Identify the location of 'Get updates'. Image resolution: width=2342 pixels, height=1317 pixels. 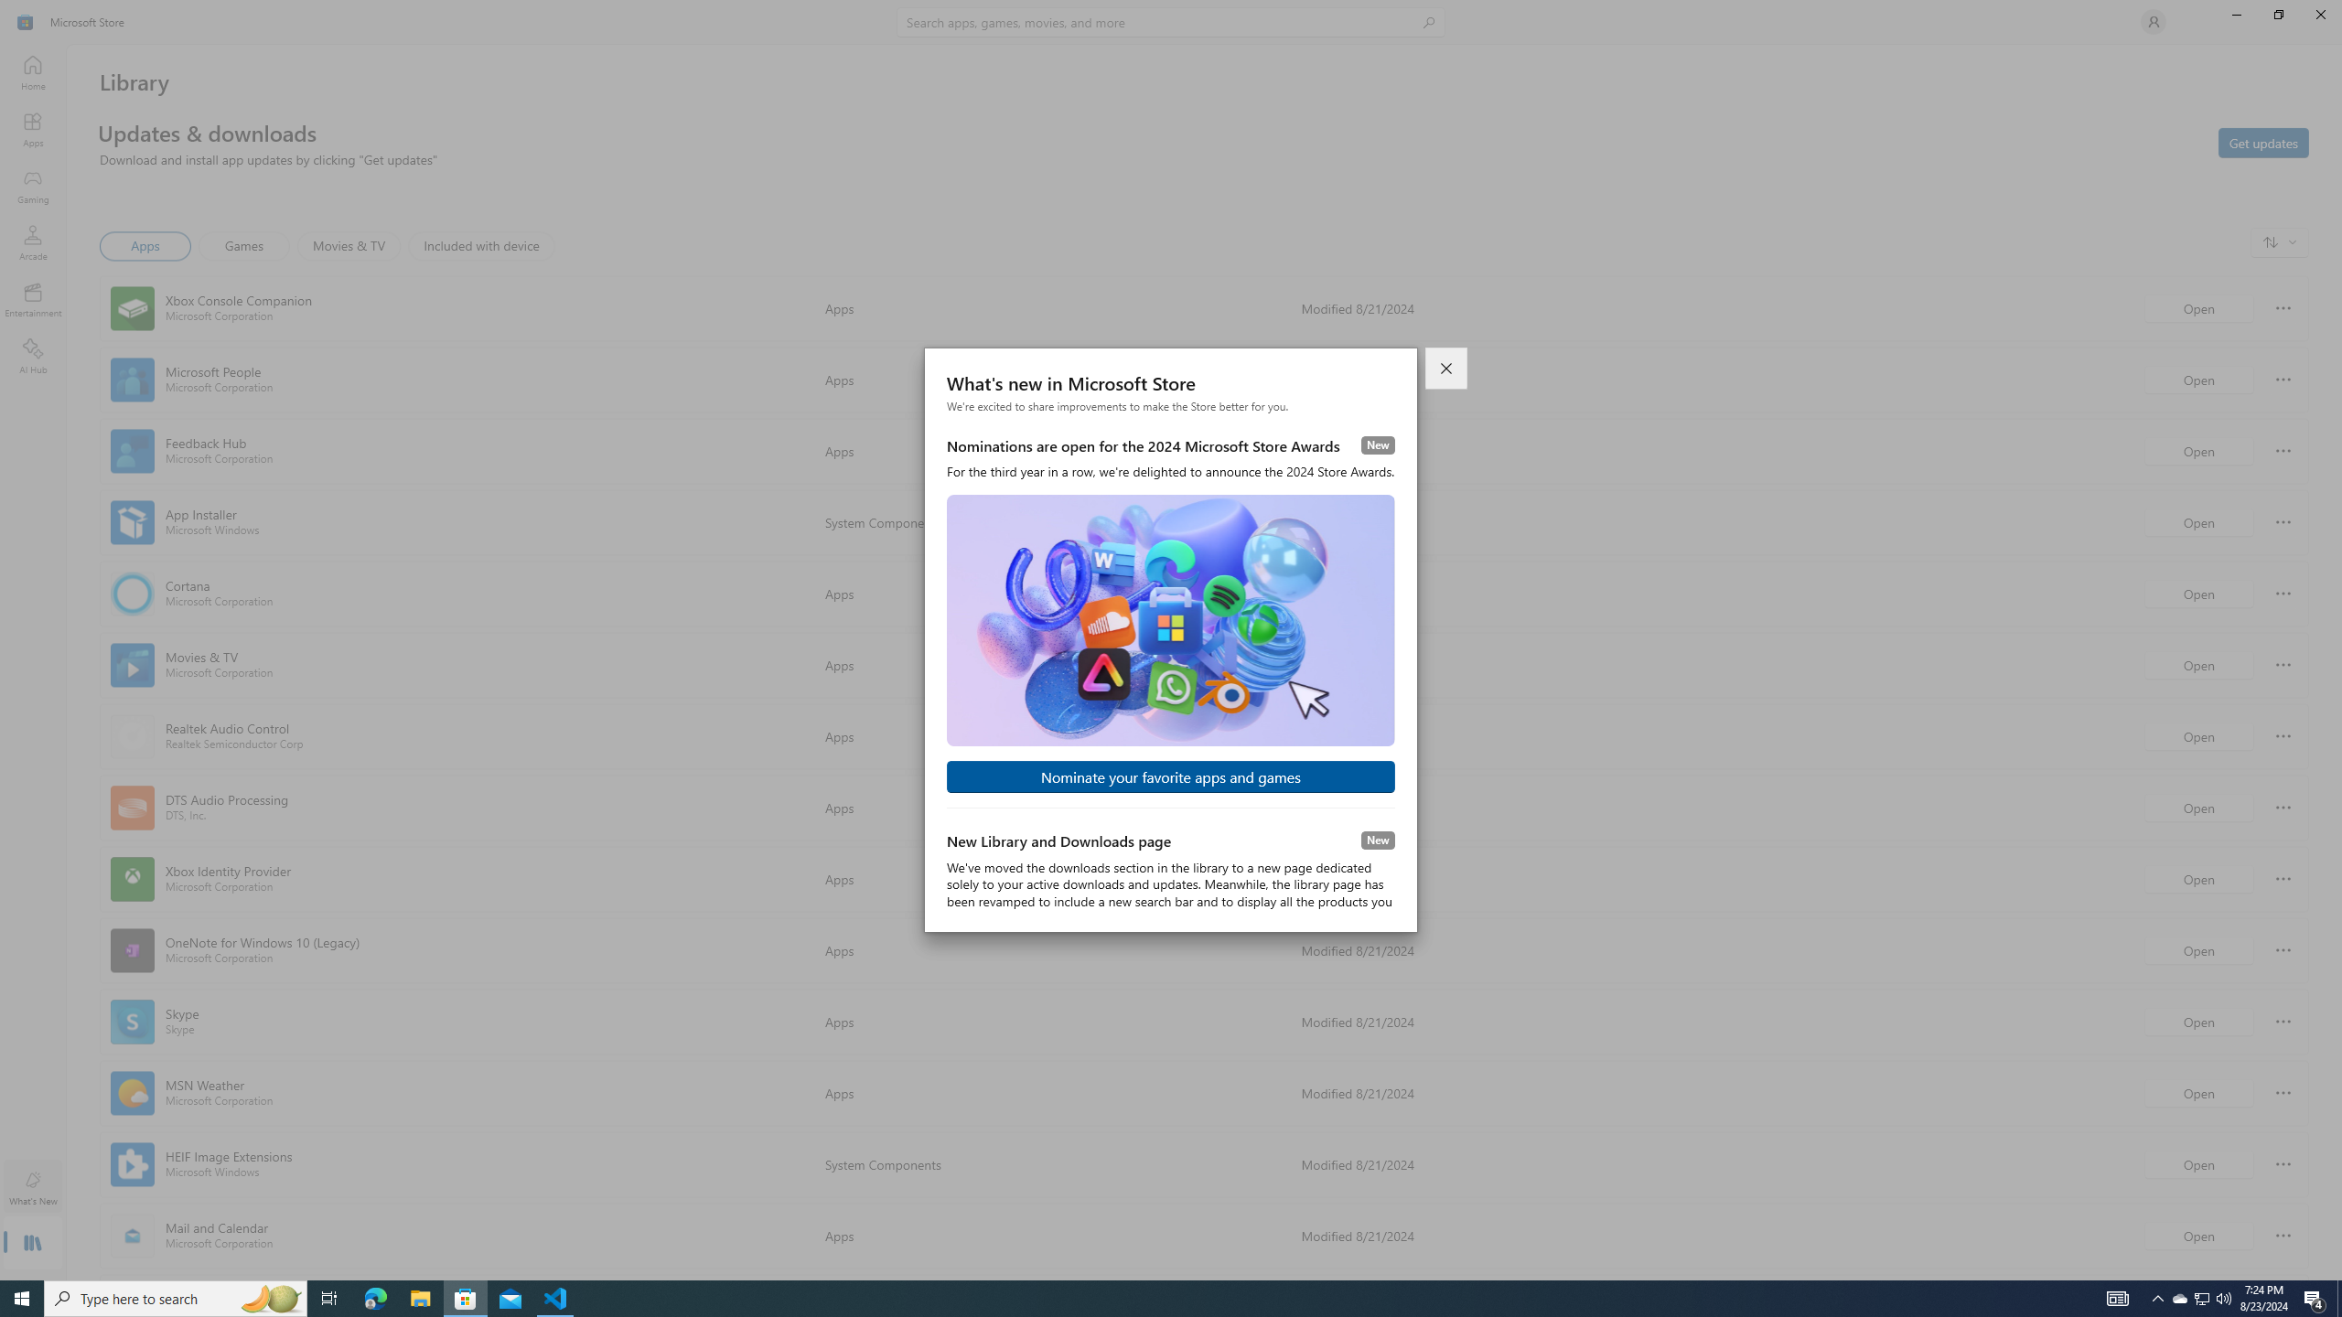
(2263, 141).